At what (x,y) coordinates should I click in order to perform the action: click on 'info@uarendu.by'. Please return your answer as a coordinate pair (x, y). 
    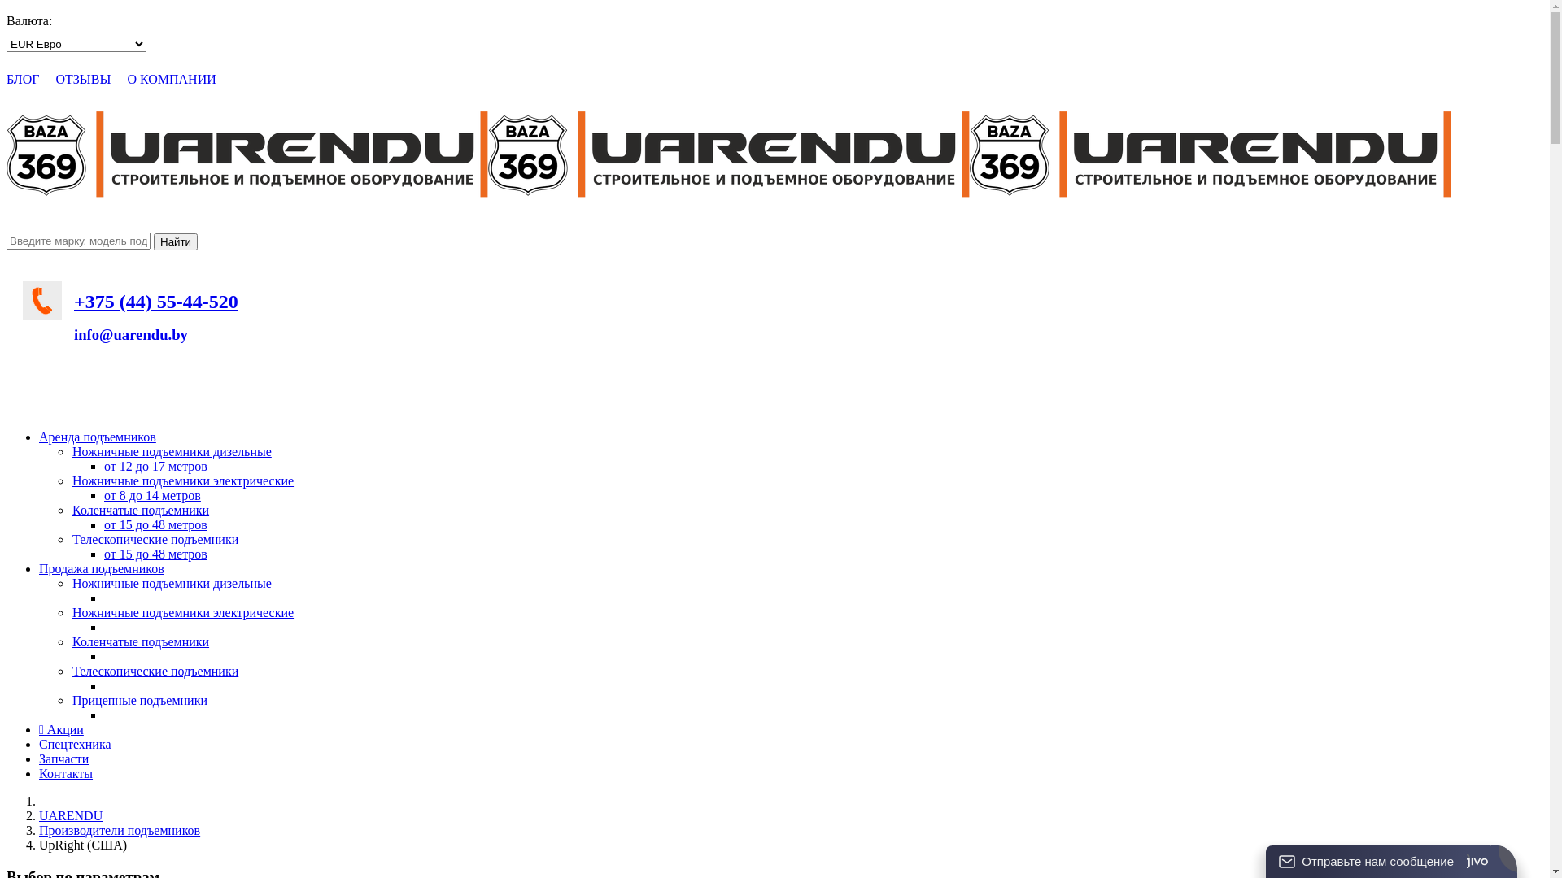
    Looking at the image, I should click on (131, 333).